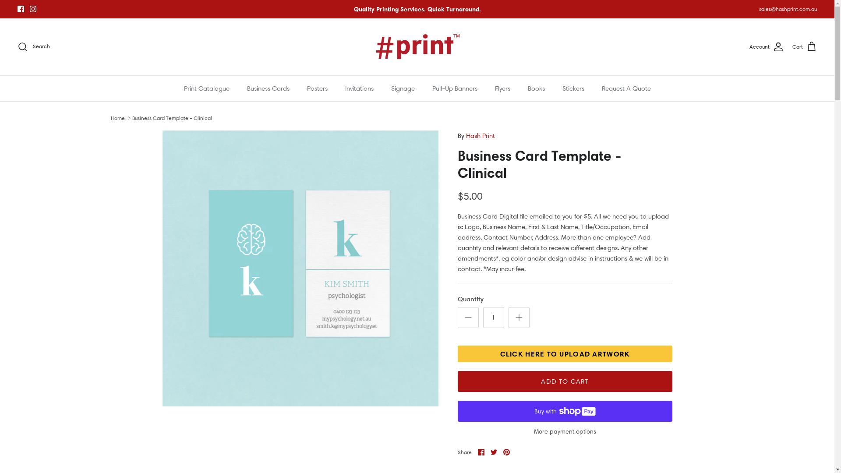 This screenshot has width=841, height=473. Describe the element at coordinates (359, 88) in the screenshot. I see `'Invitations'` at that location.